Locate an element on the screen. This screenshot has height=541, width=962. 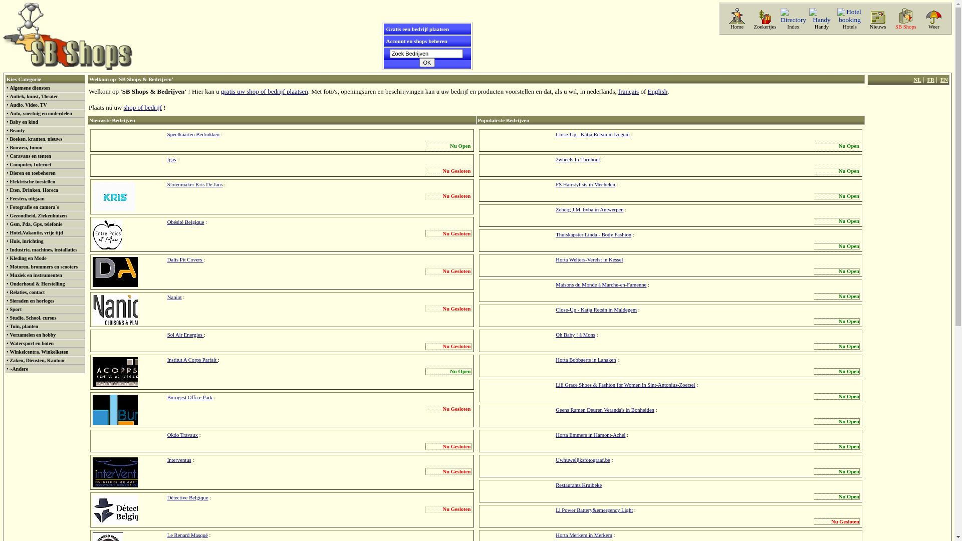
'Watersport en boten' is located at coordinates (31, 343).